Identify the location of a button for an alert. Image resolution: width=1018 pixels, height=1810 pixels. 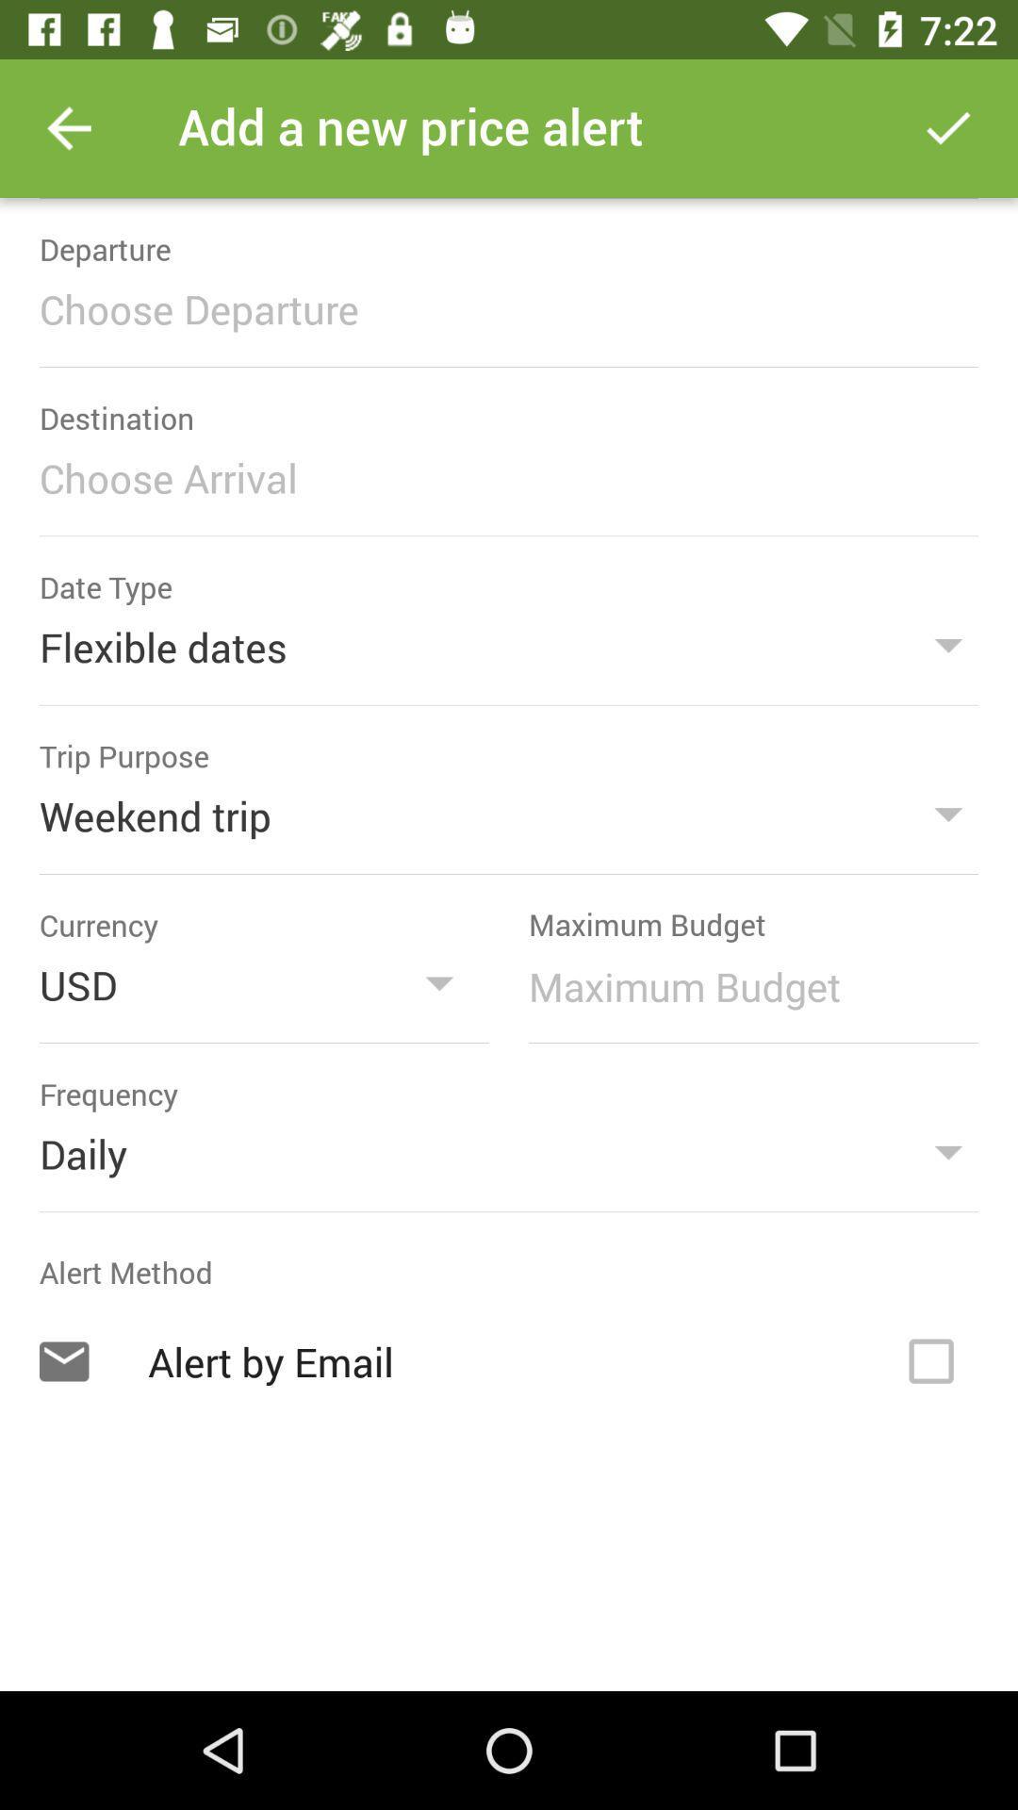
(930, 1361).